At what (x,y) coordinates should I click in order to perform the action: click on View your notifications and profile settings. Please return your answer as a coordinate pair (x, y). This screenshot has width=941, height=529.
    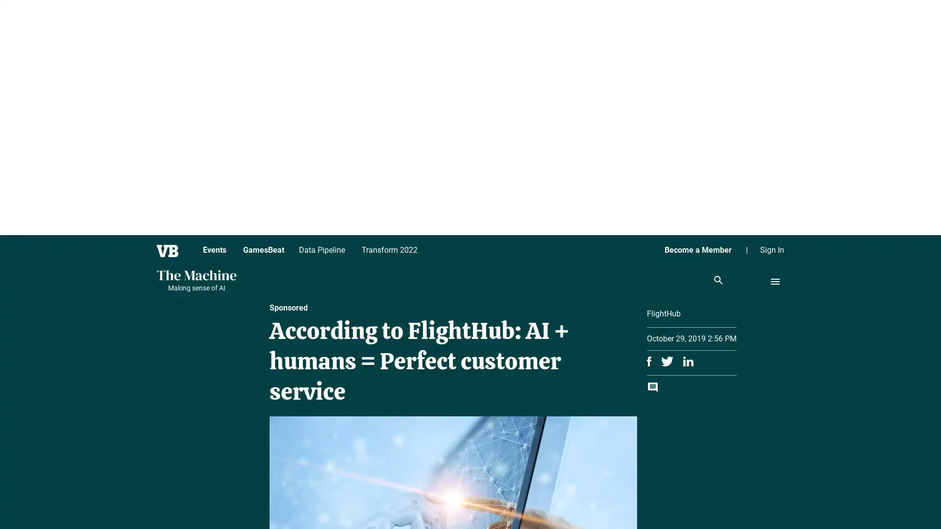
    Looking at the image, I should click on (909, 497).